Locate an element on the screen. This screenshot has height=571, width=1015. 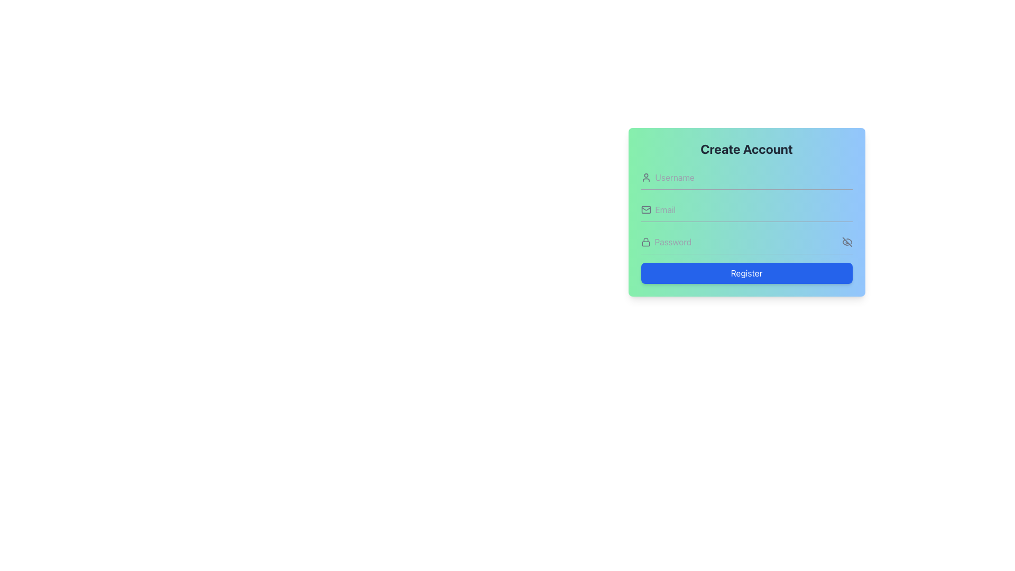
the top left rectangular vector graphic representing the body of the envelope within the email icon is located at coordinates (645, 210).